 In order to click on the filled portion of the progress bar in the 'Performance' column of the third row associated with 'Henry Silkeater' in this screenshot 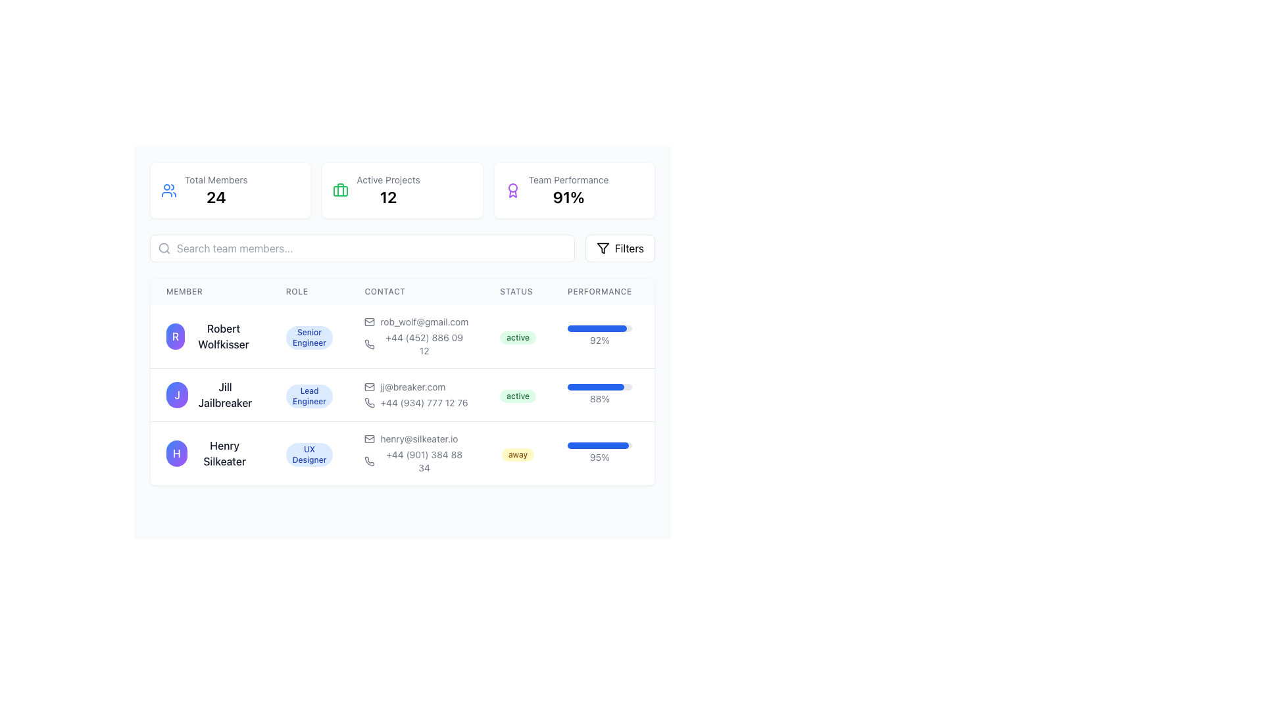, I will do `click(597, 445)`.